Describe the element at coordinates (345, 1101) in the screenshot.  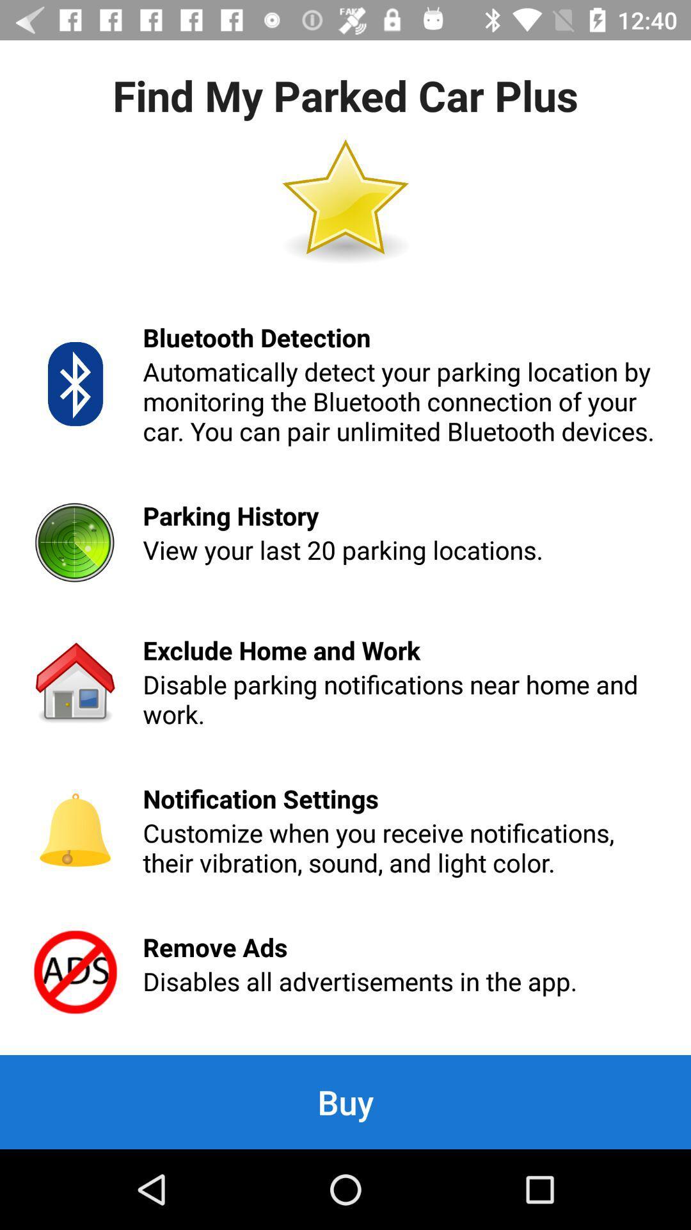
I see `the buy` at that location.